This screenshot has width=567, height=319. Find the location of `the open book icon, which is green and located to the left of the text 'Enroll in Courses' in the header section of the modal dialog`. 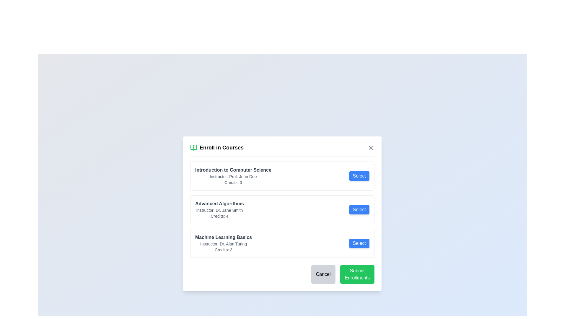

the open book icon, which is green and located to the left of the text 'Enroll in Courses' in the header section of the modal dialog is located at coordinates (194, 147).